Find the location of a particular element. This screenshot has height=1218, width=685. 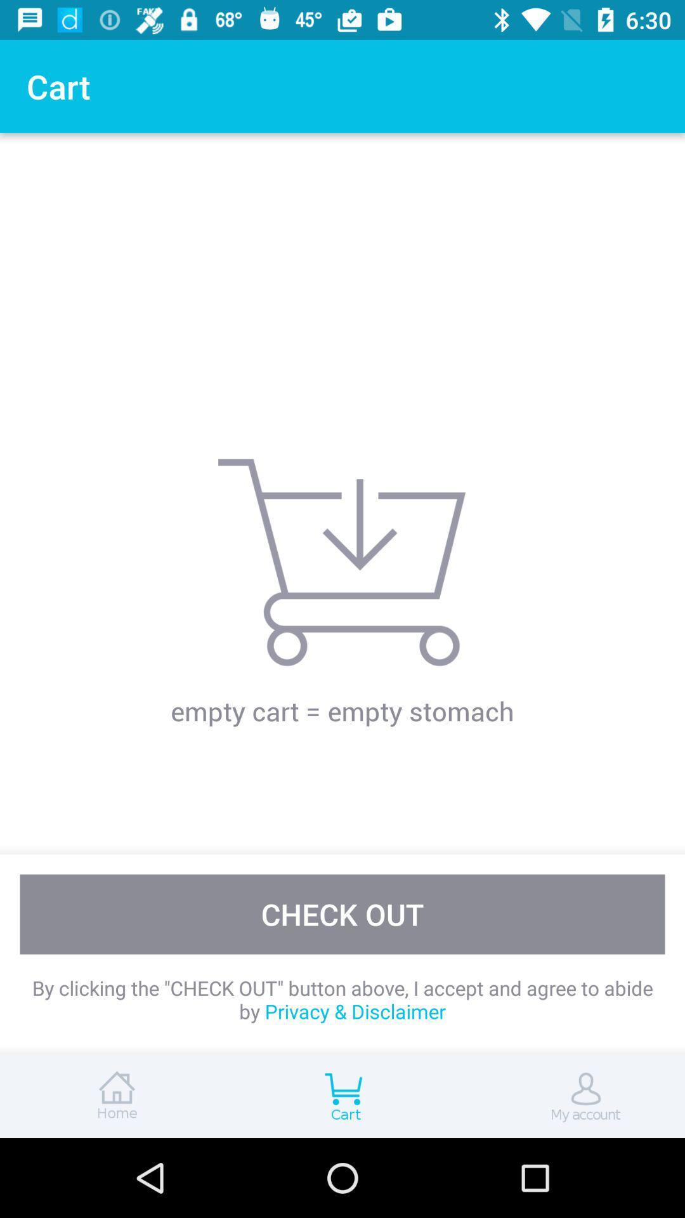

check my cart is located at coordinates (342, 1096).